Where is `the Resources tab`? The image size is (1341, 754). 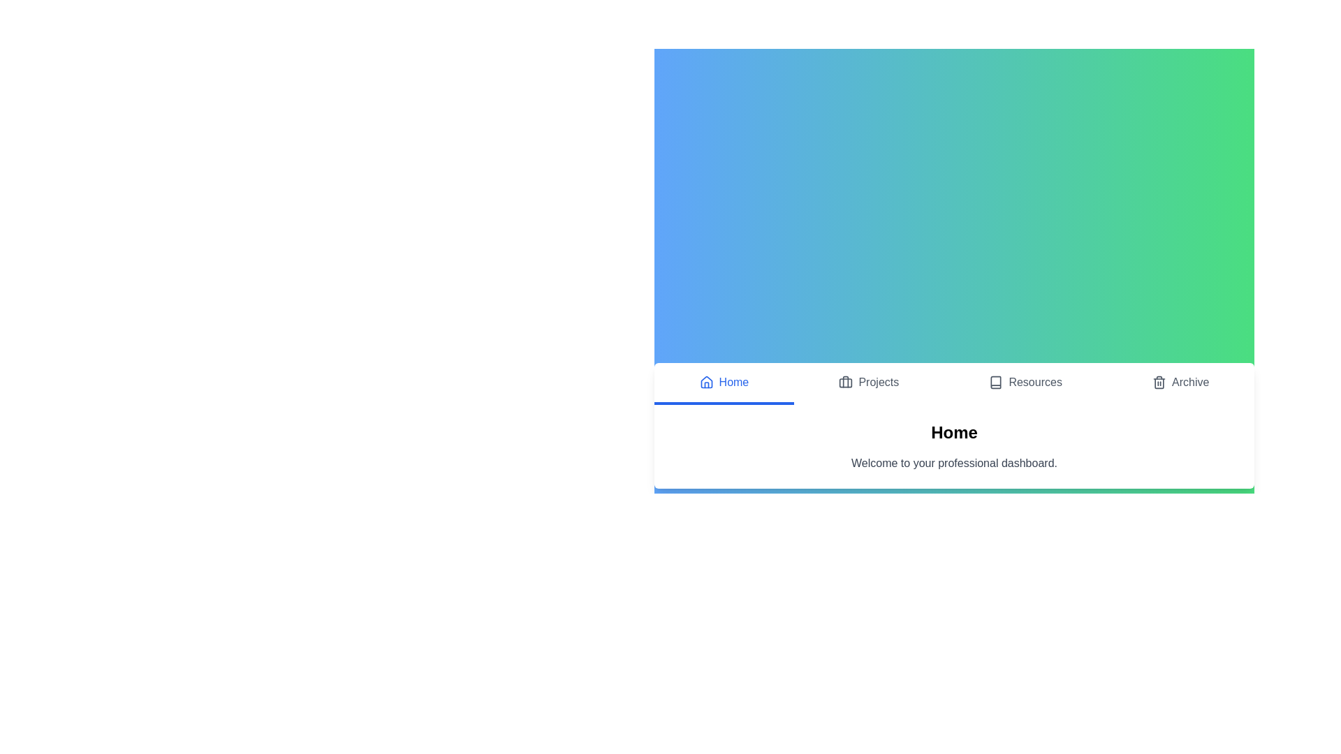 the Resources tab is located at coordinates (1025, 384).